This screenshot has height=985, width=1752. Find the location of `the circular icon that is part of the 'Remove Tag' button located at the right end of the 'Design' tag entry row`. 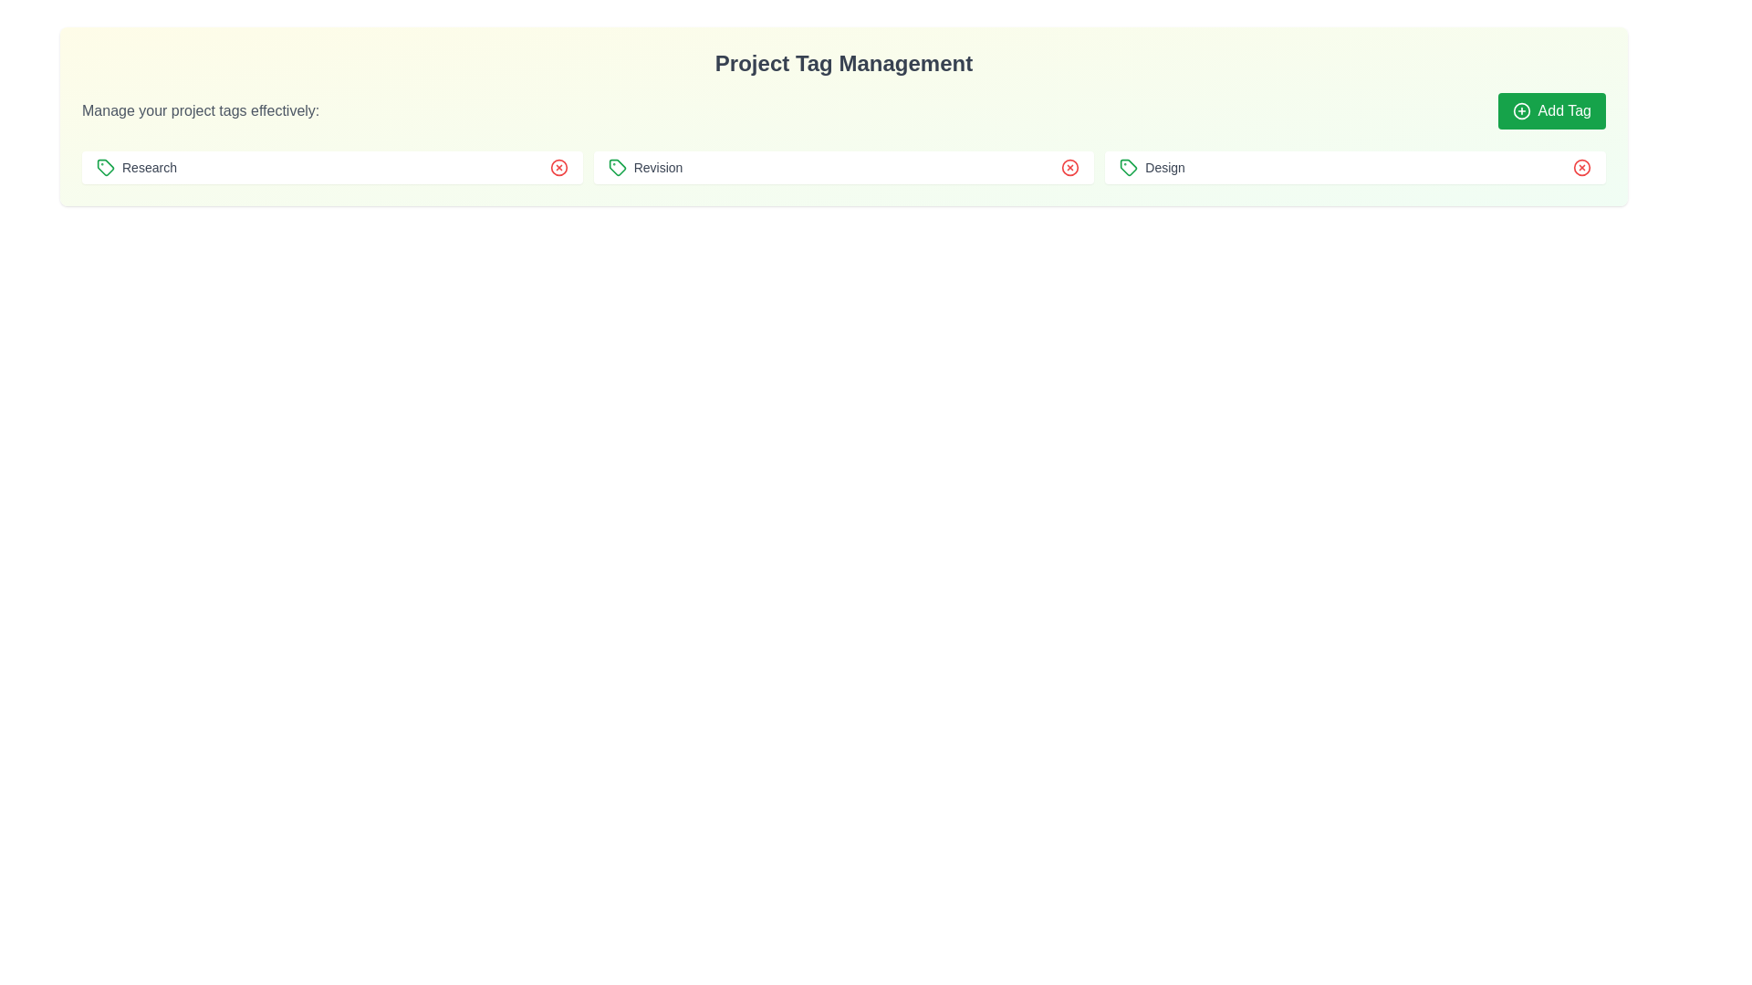

the circular icon that is part of the 'Remove Tag' button located at the right end of the 'Design' tag entry row is located at coordinates (1580, 168).